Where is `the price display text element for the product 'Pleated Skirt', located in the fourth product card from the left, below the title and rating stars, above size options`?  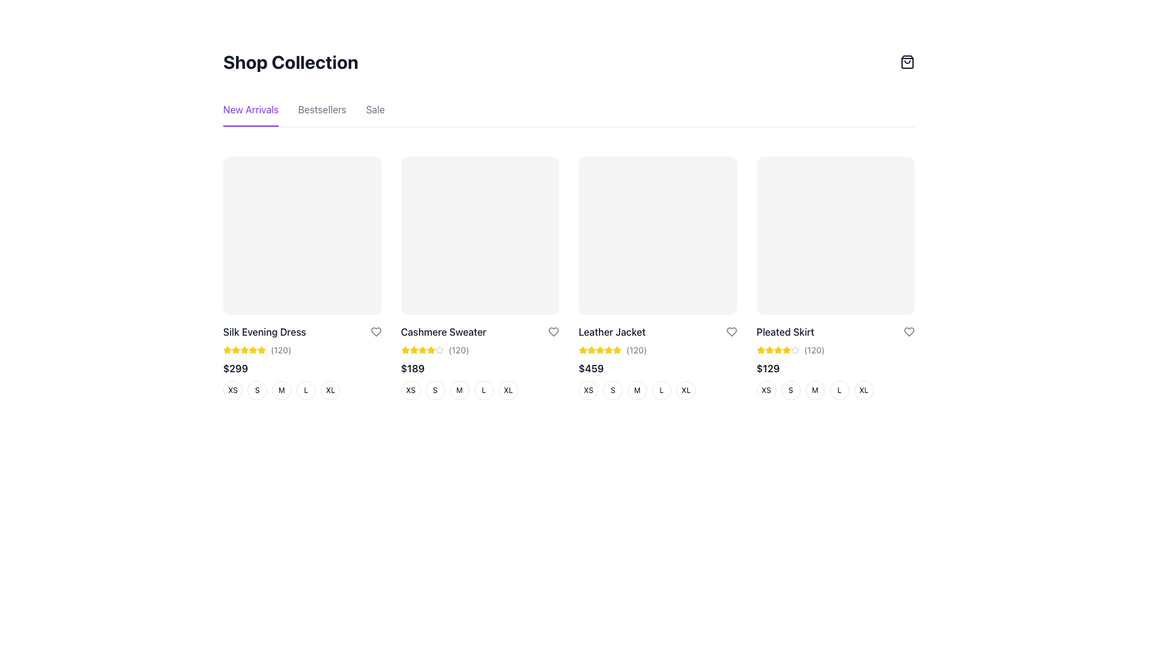 the price display text element for the product 'Pleated Skirt', located in the fourth product card from the left, below the title and rating stars, above size options is located at coordinates (767, 367).